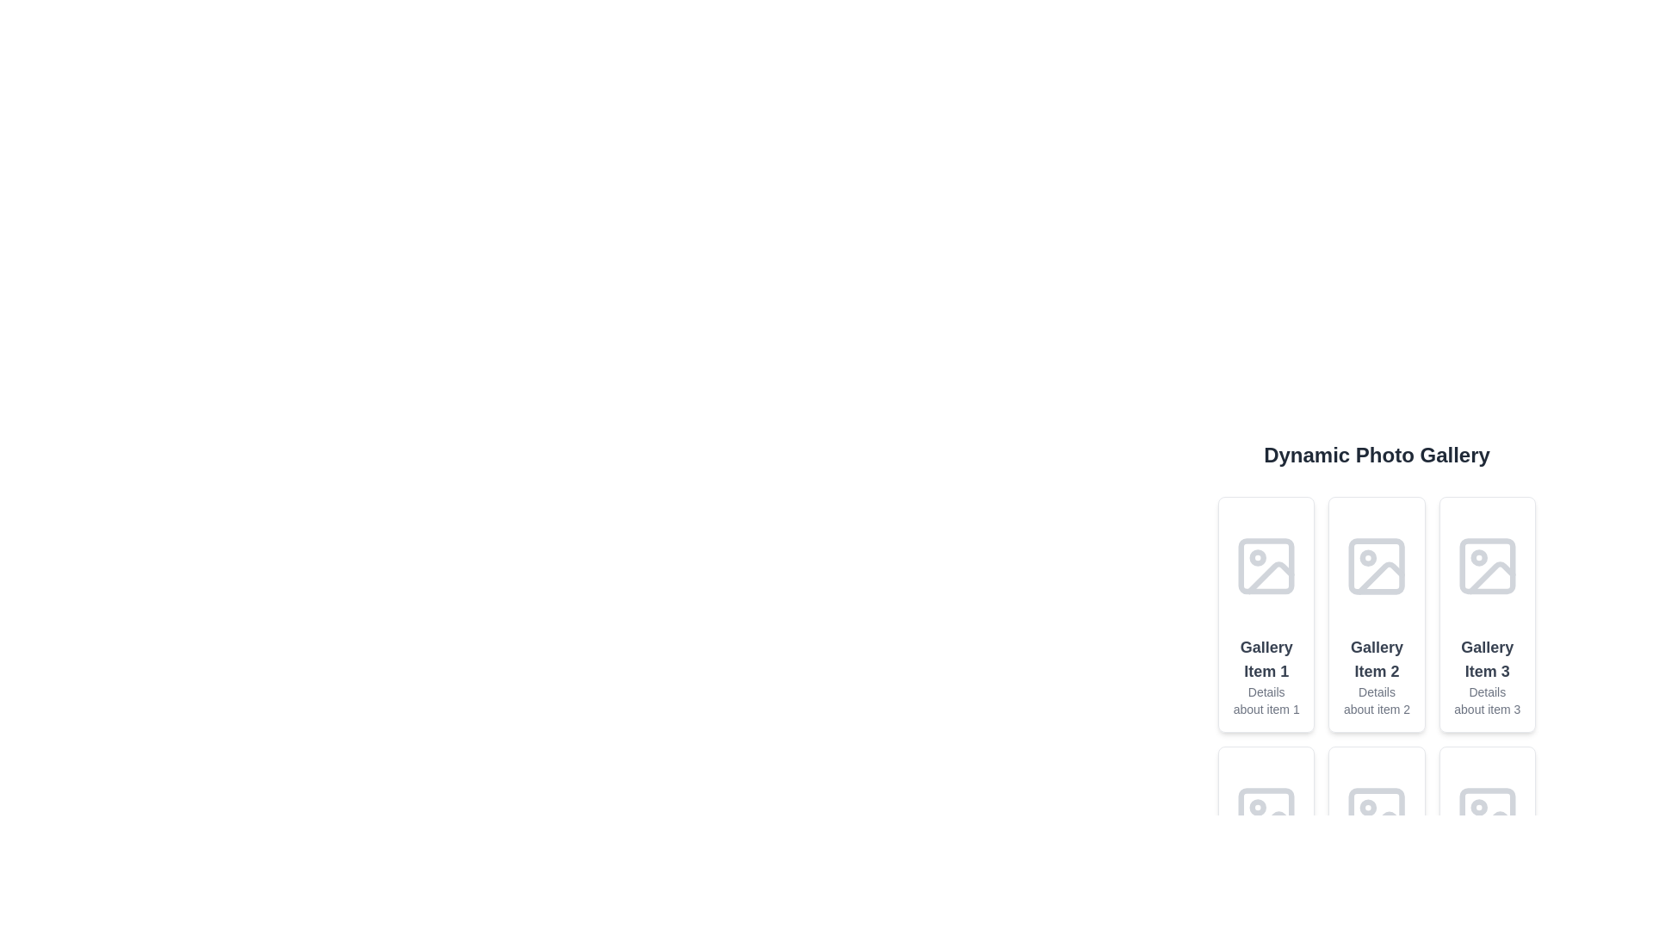 This screenshot has width=1653, height=930. Describe the element at coordinates (1266, 700) in the screenshot. I see `the descriptive text element located at the bottom of the first column in the gallery section, which provides additional information about the associated item` at that location.